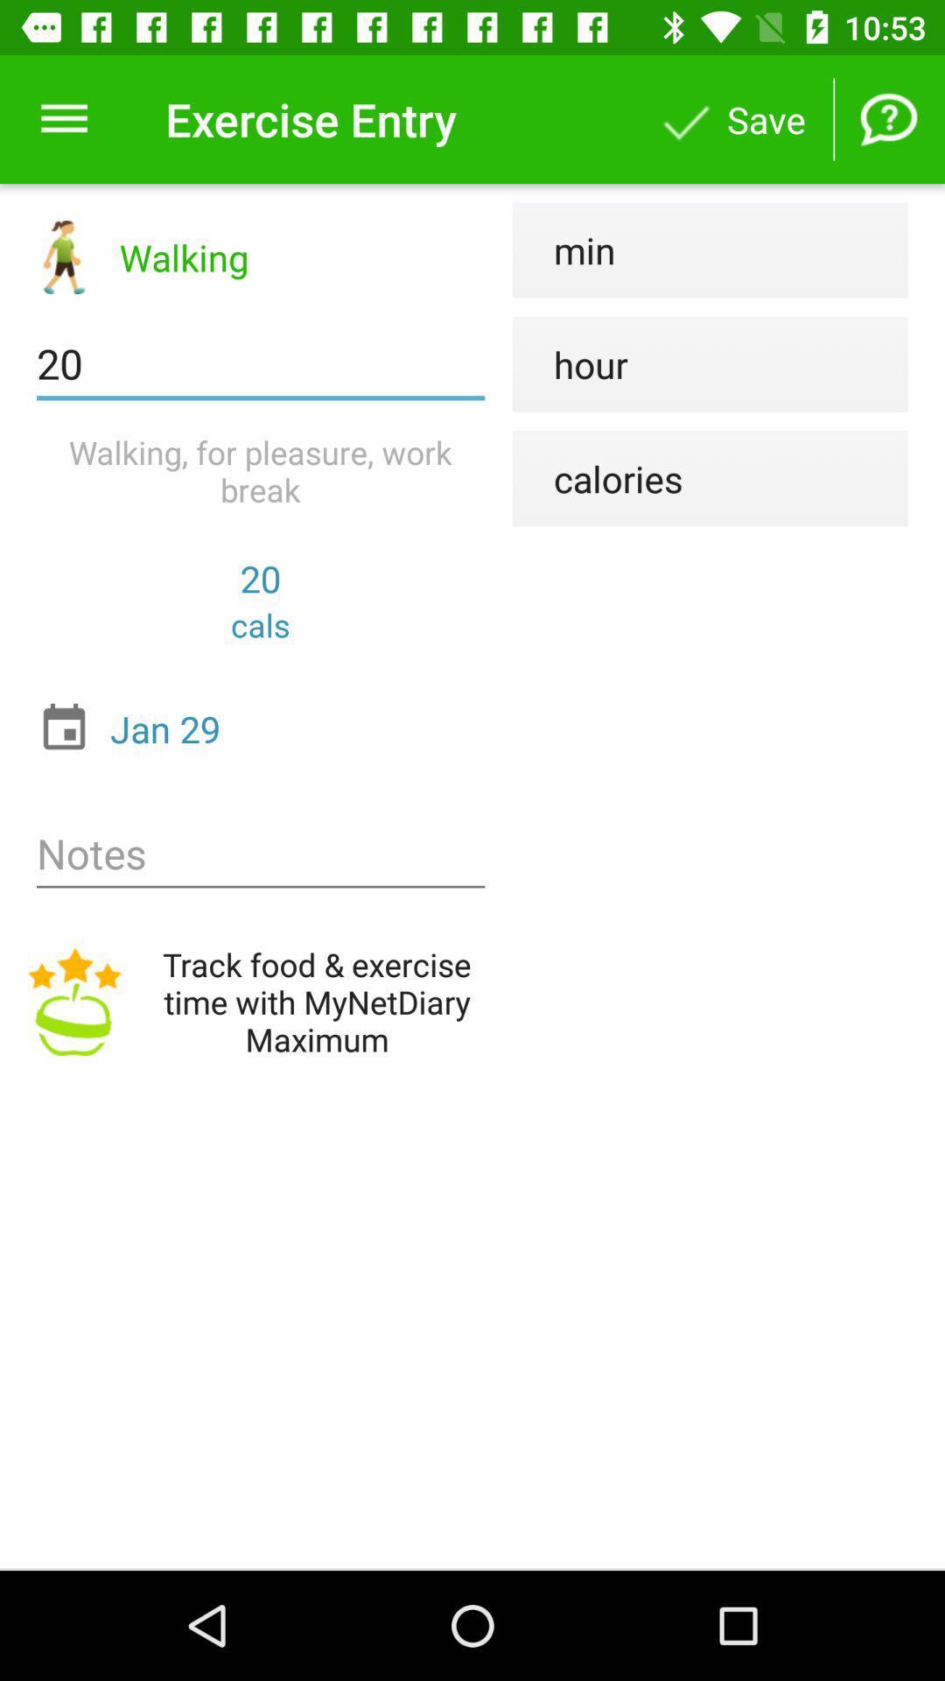  Describe the element at coordinates (570, 363) in the screenshot. I see `item below the   min icon` at that location.